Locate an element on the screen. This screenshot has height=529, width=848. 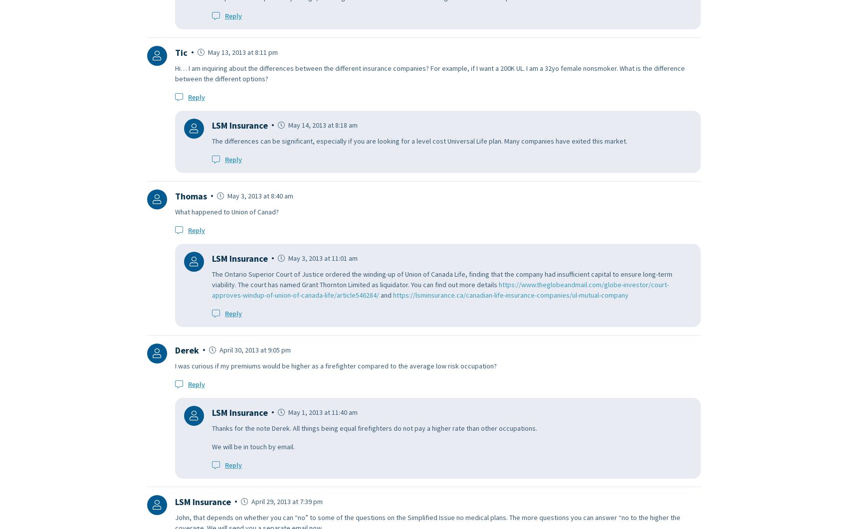
'We will be in touch by email.' is located at coordinates (253, 445).